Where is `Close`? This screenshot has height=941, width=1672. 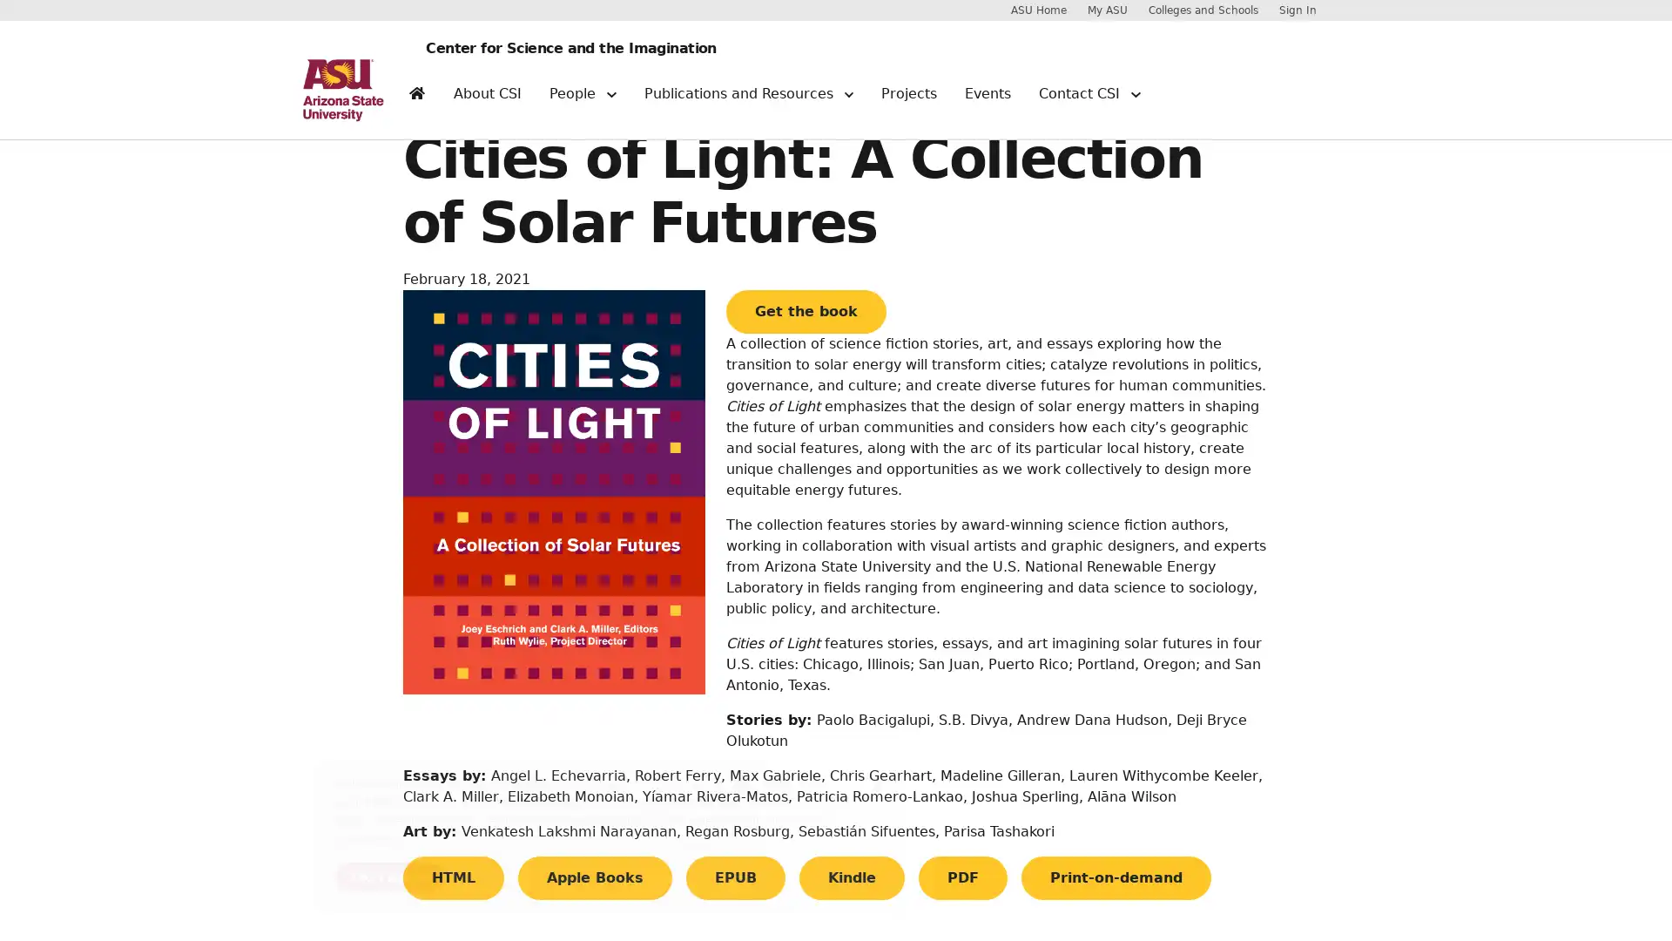
Close is located at coordinates (877, 786).